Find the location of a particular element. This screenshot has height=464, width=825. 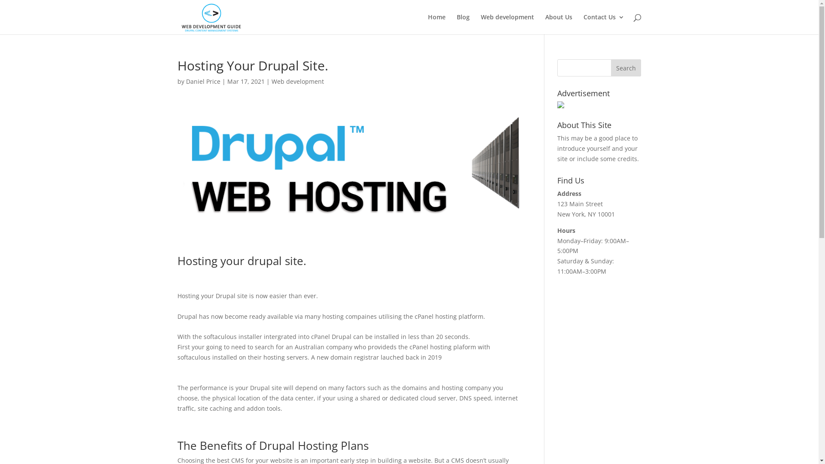

'Contact Us' is located at coordinates (603, 24).